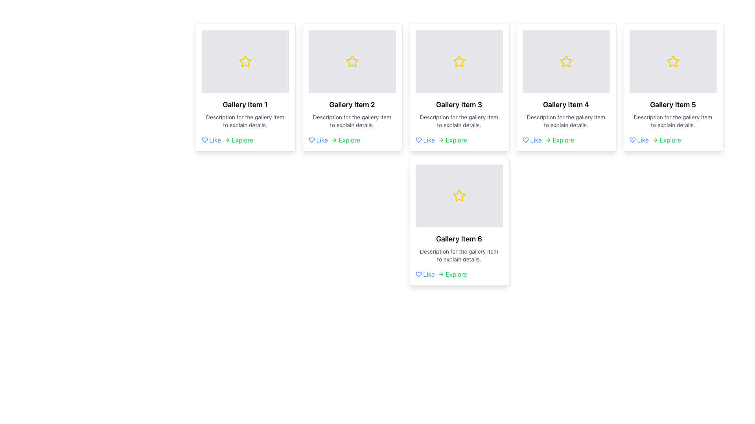 This screenshot has height=424, width=755. Describe the element at coordinates (211, 140) in the screenshot. I see `the blue-colored, underlined text labeled 'Like' adjacent to a heart-shaped icon` at that location.